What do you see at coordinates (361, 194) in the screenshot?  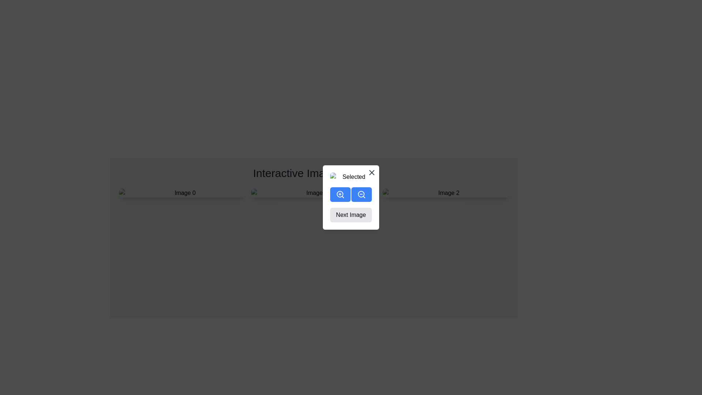 I see `the circular graphical component of the magnifying glass with a minus symbol` at bounding box center [361, 194].